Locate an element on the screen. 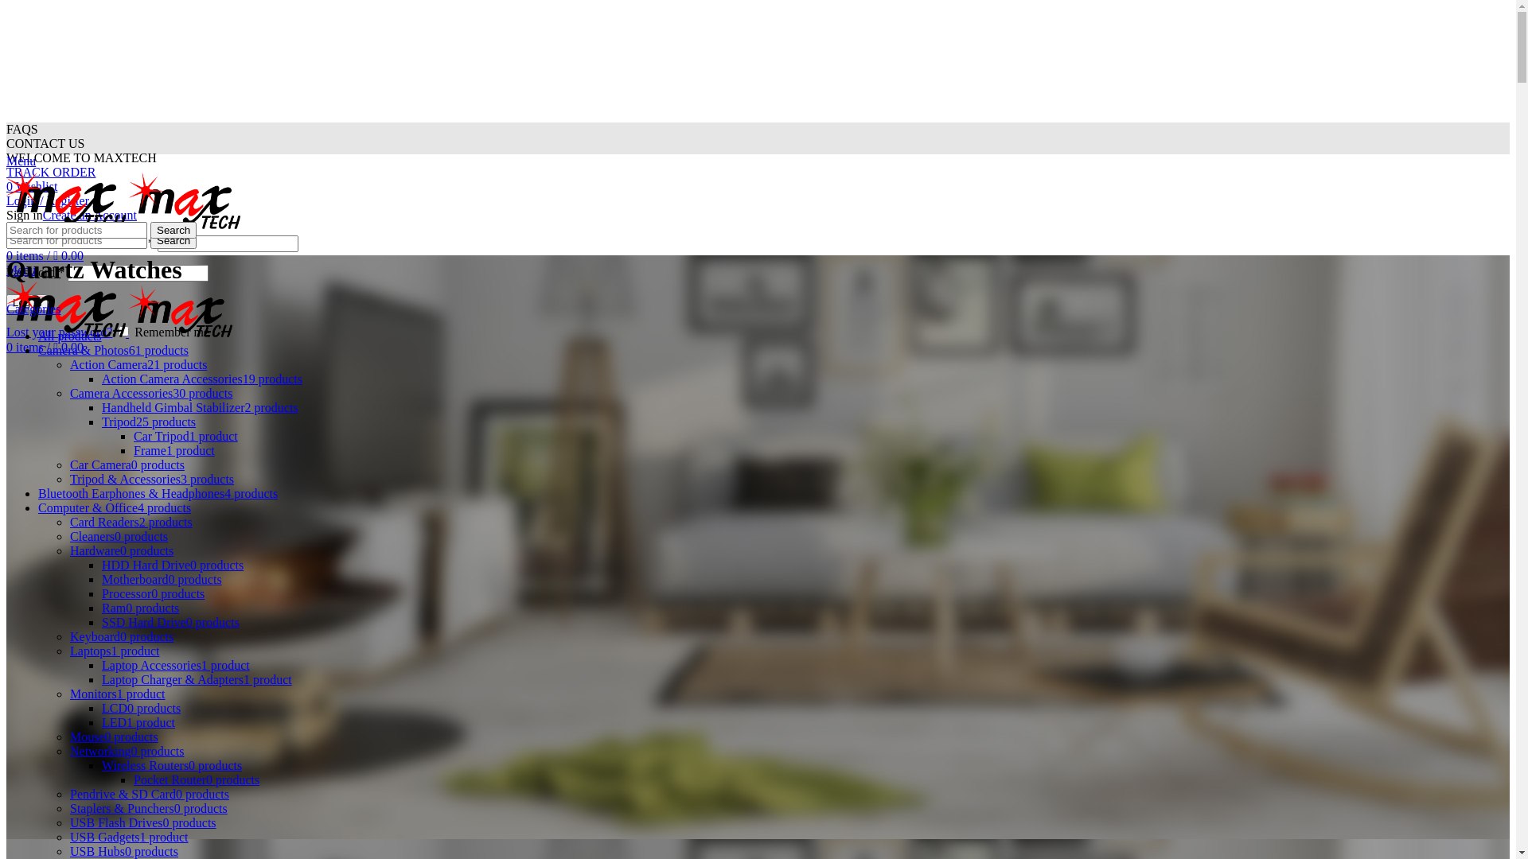  'Remember me' is located at coordinates (117, 330).